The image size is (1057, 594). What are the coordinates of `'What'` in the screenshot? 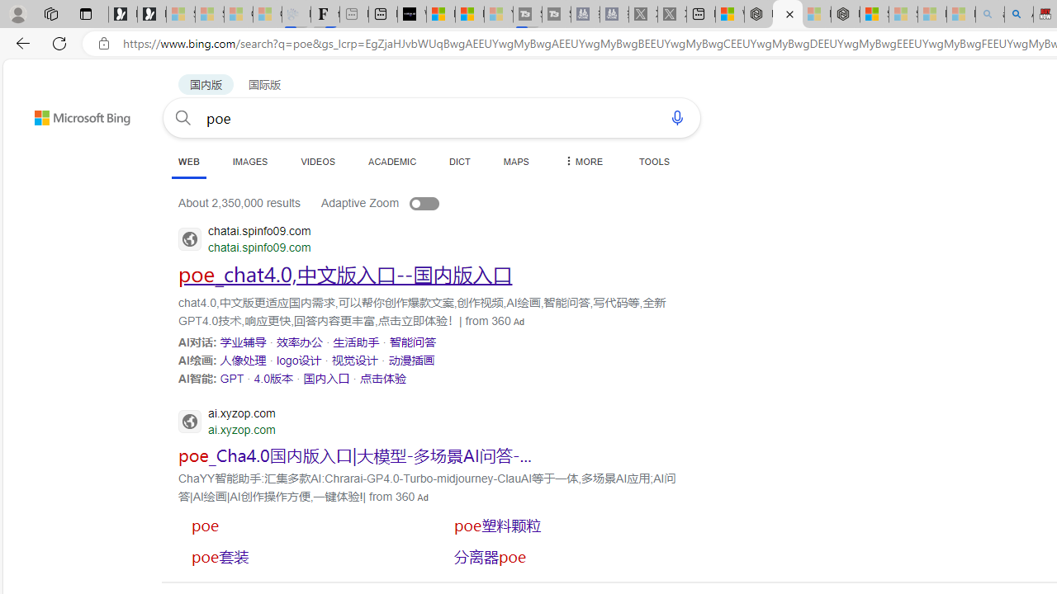 It's located at (412, 14).